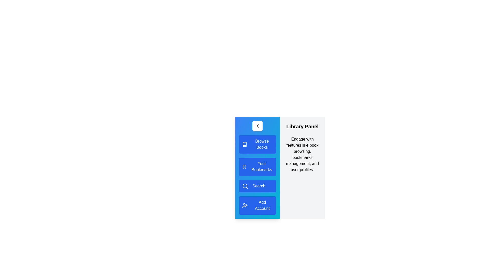 The width and height of the screenshot is (489, 275). I want to click on the menu item Your Bookmarks from the LibraryDrawer, so click(257, 167).